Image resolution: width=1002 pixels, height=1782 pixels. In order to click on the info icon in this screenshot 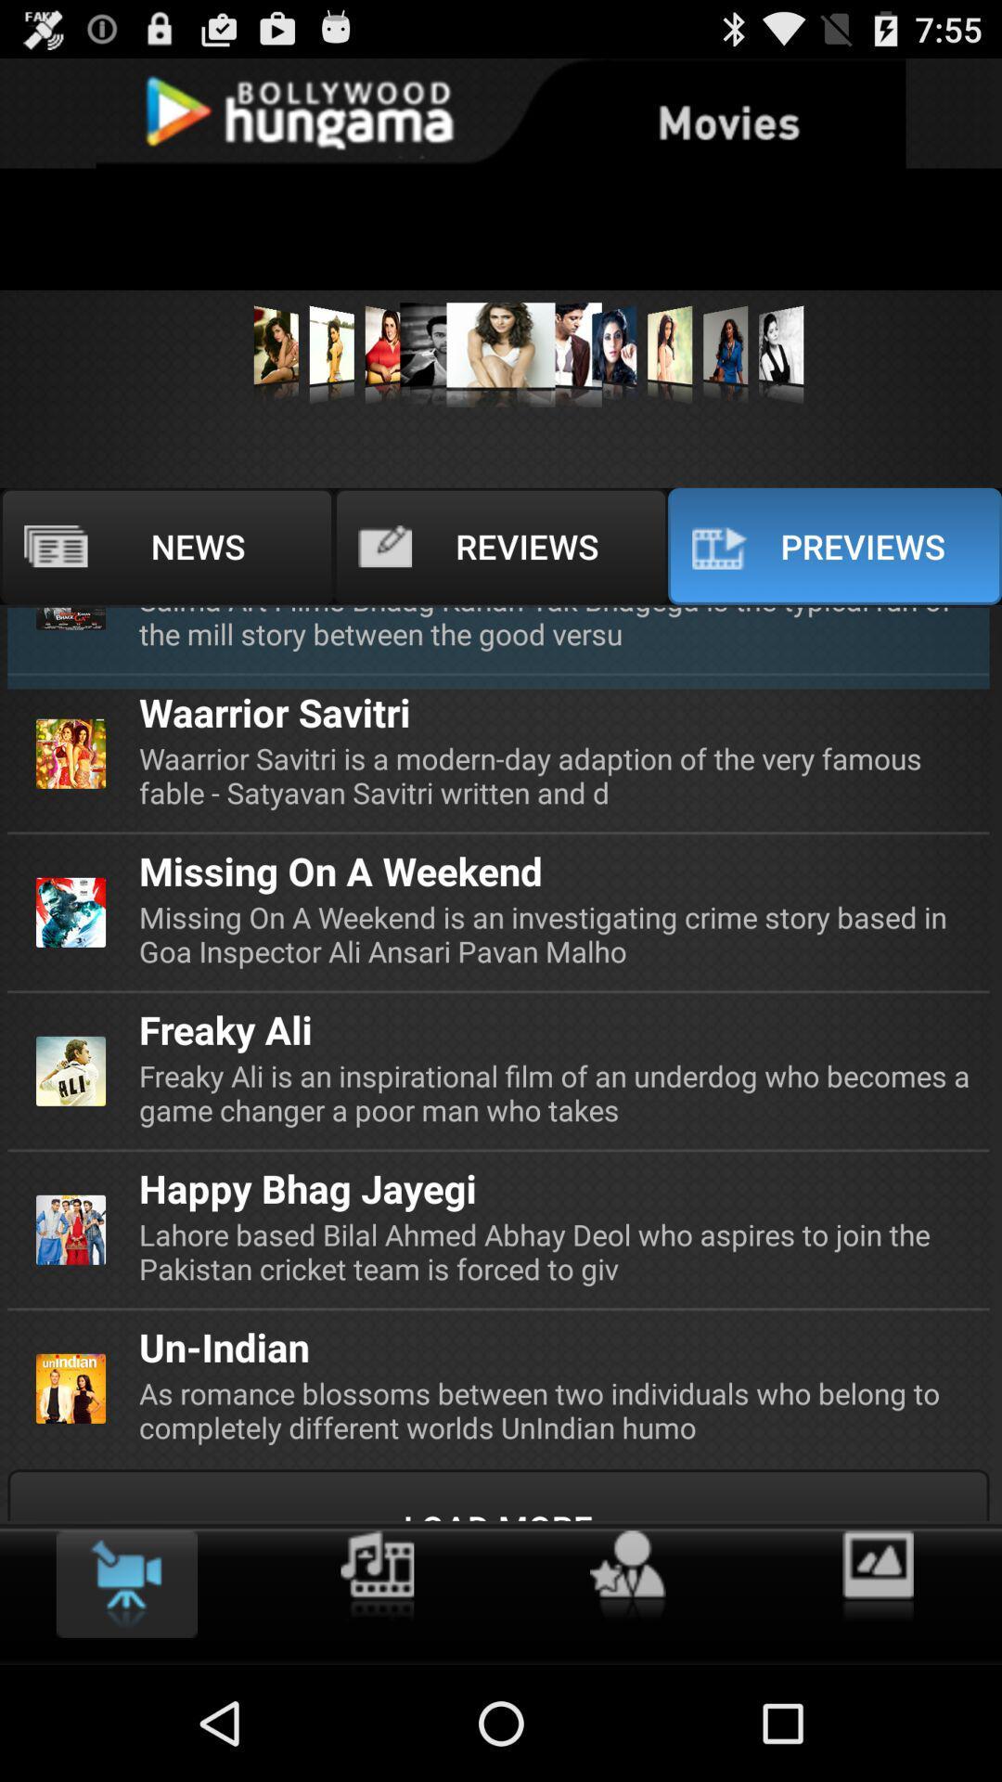, I will do `click(376, 1686)`.